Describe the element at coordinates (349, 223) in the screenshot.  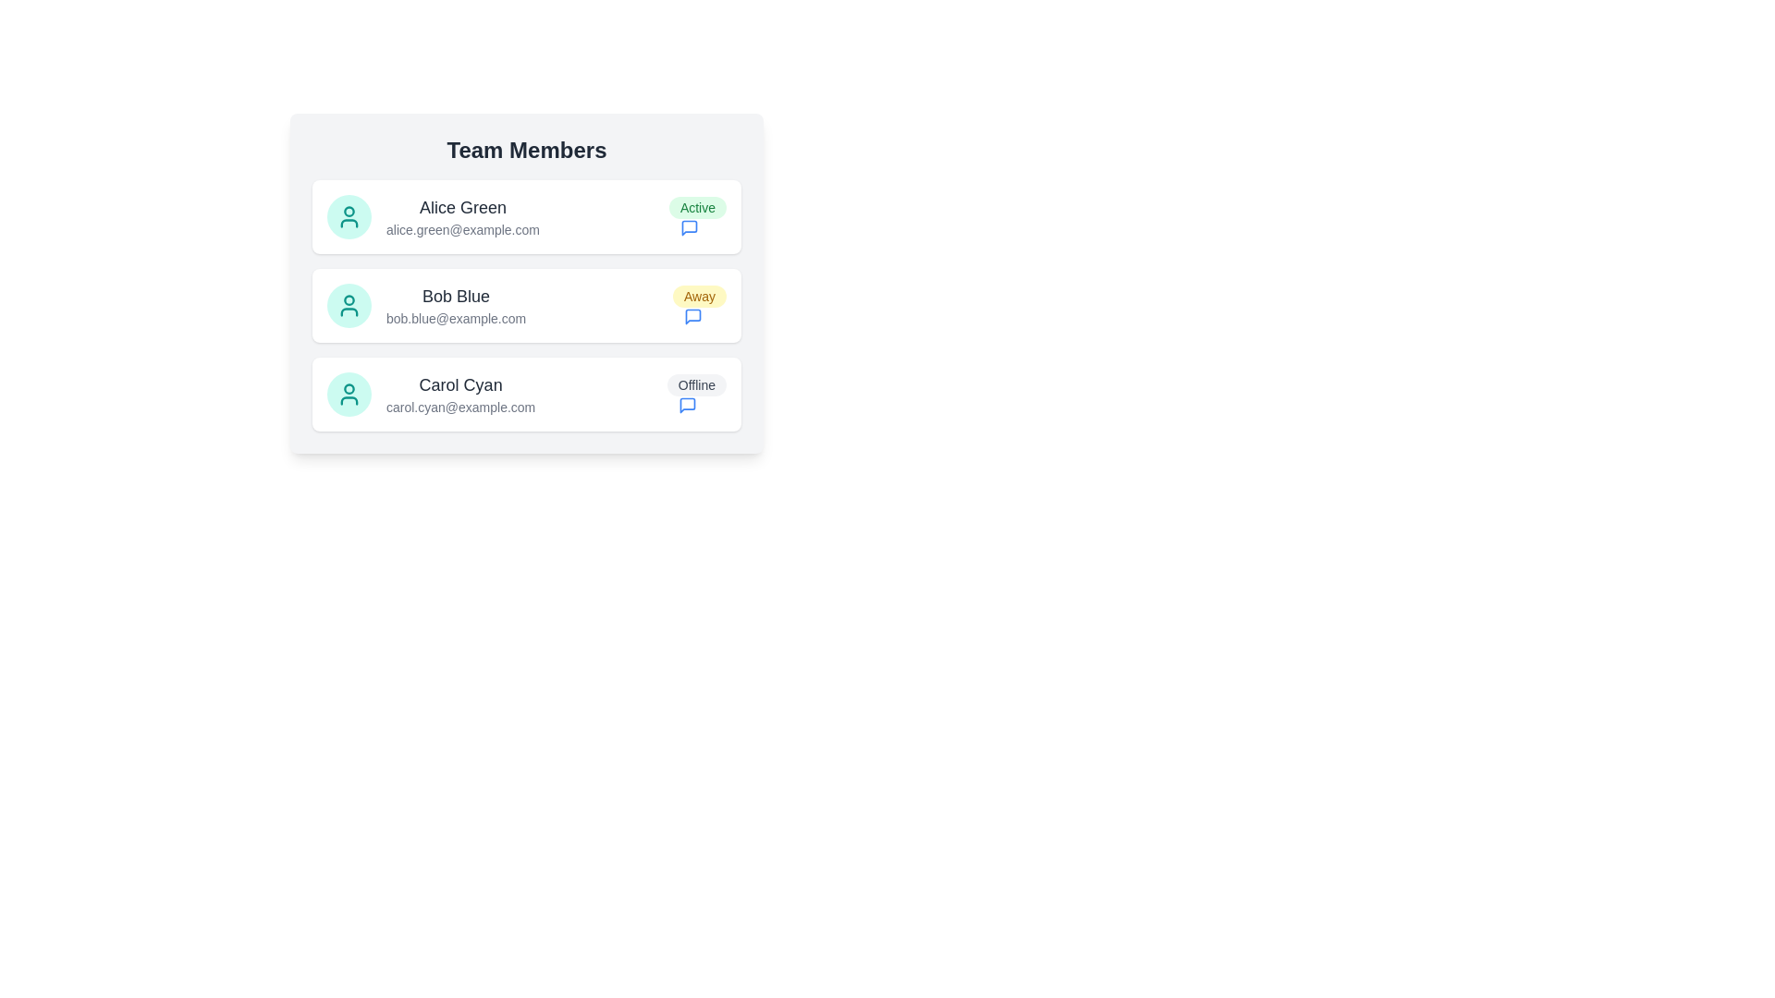
I see `the curved line icon representing a figure, which is part of the user avatar for 'Alice Green'` at that location.